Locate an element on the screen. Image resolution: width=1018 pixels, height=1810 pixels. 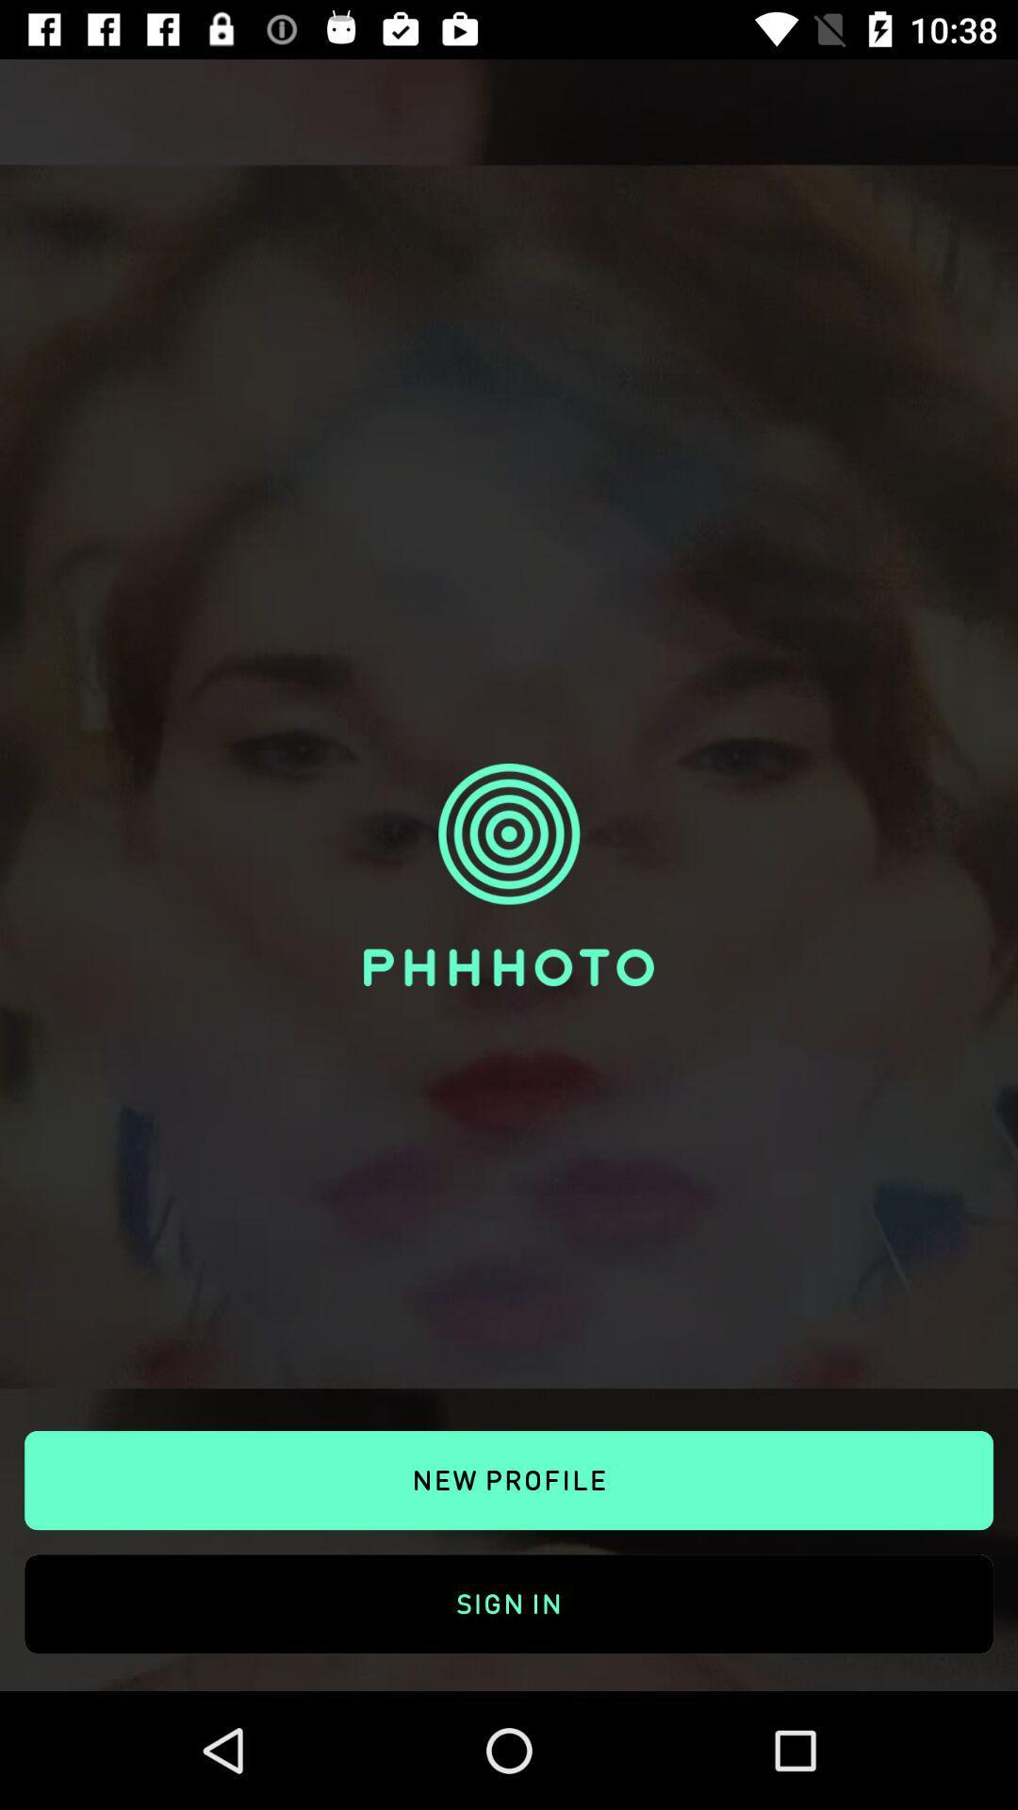
tap to sign in is located at coordinates (509, 1583).